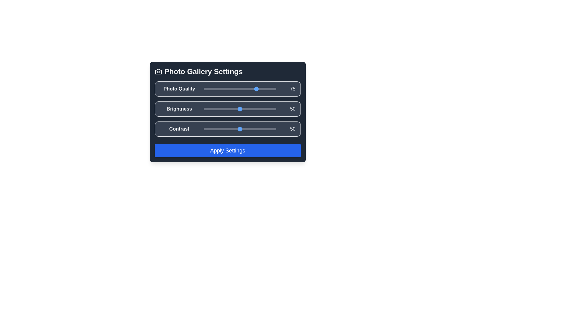 The image size is (584, 328). Describe the element at coordinates (256, 128) in the screenshot. I see `the contrast` at that location.